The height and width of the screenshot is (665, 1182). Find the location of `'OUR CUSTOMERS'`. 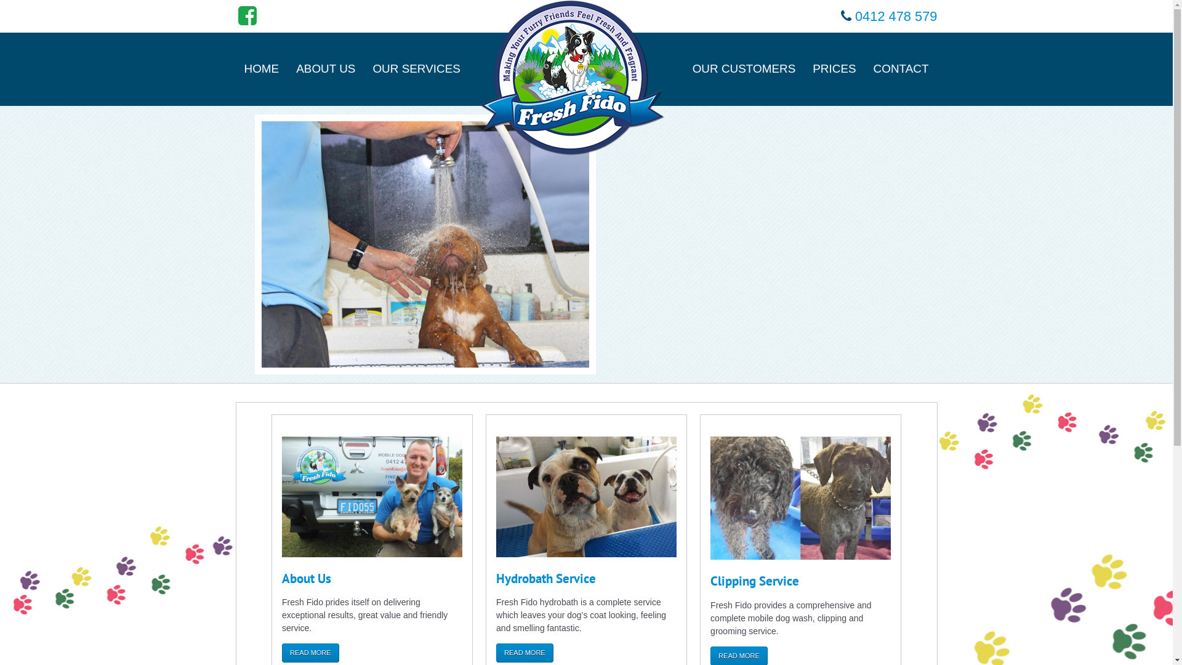

'OUR CUSTOMERS' is located at coordinates (744, 68).